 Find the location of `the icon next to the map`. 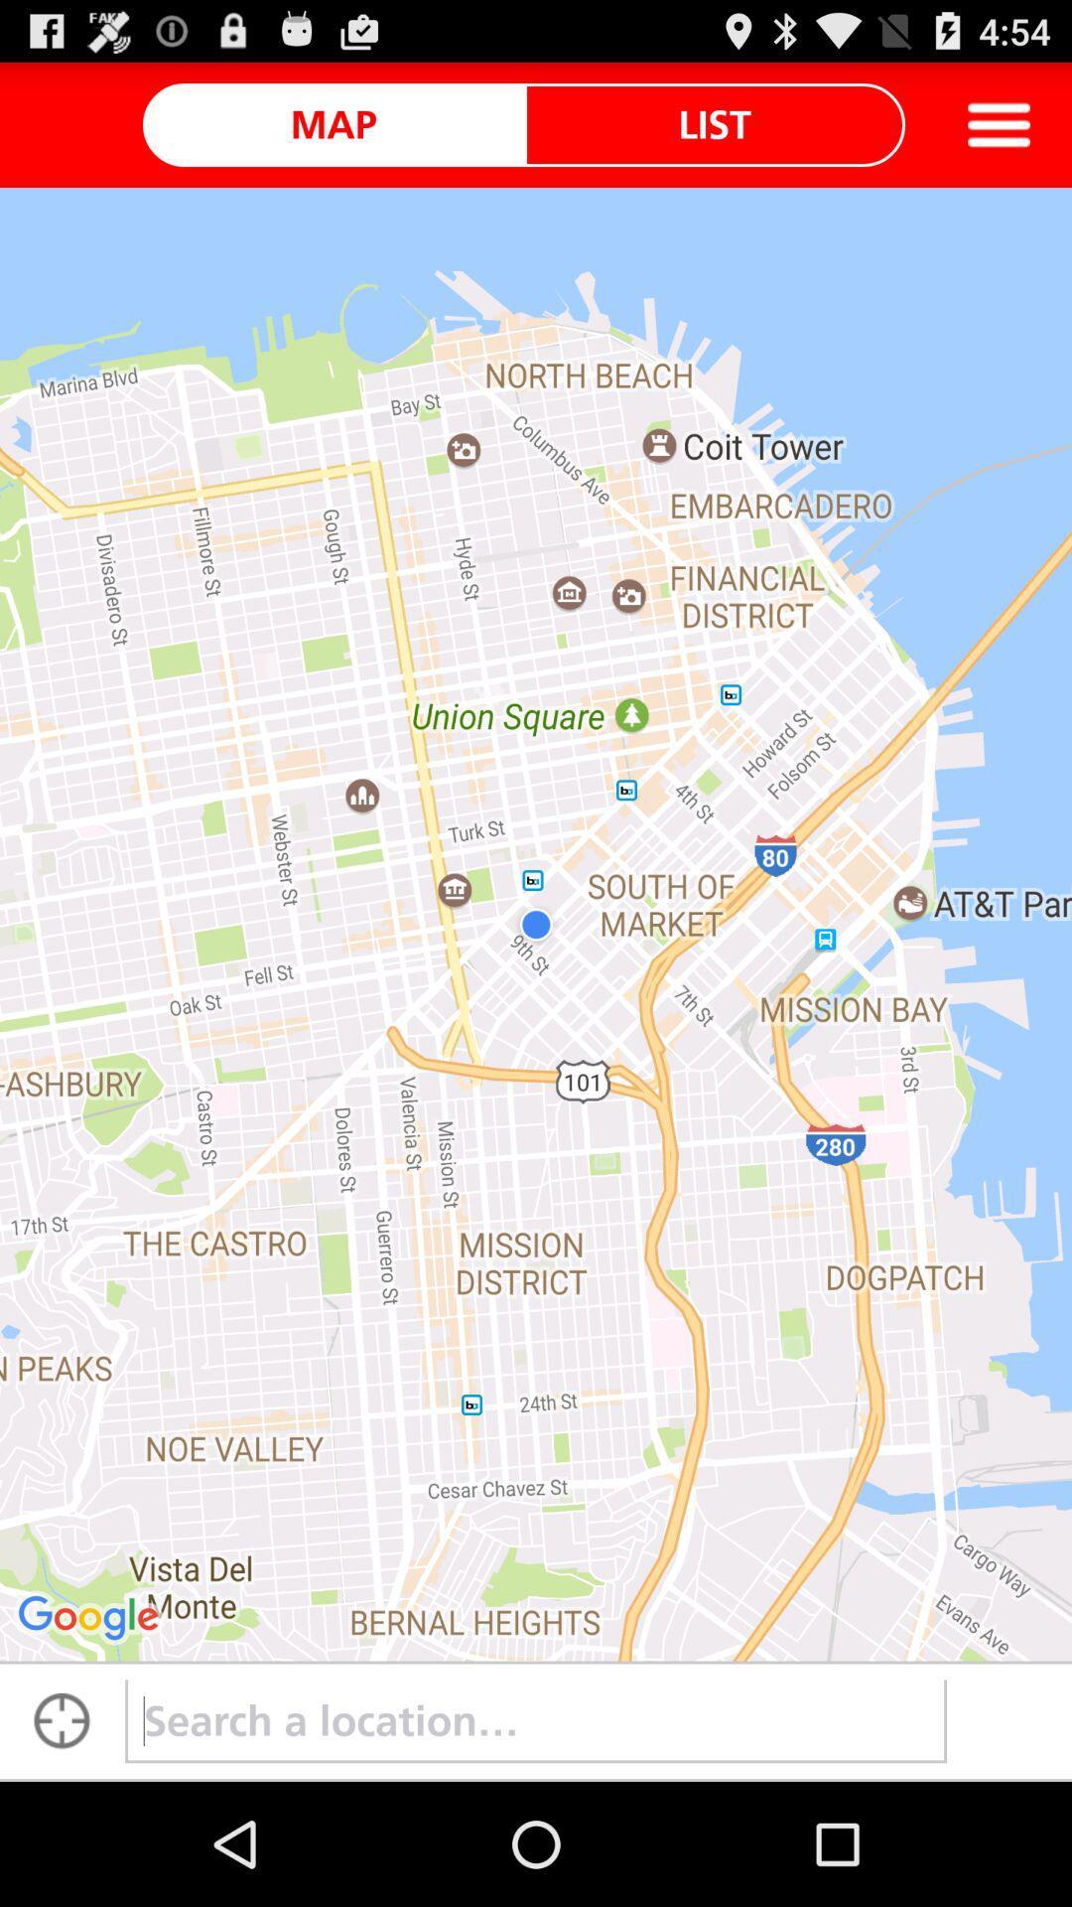

the icon next to the map is located at coordinates (715, 123).